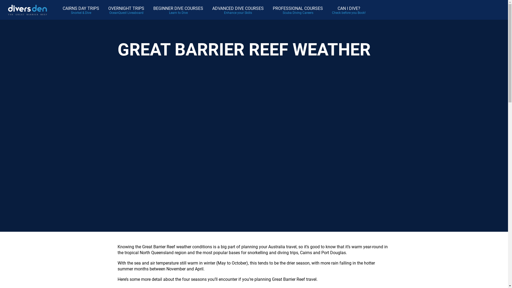 The height and width of the screenshot is (288, 512). What do you see at coordinates (178, 10) in the screenshot?
I see `'BEGINNER DIVE COURSES` at bounding box center [178, 10].